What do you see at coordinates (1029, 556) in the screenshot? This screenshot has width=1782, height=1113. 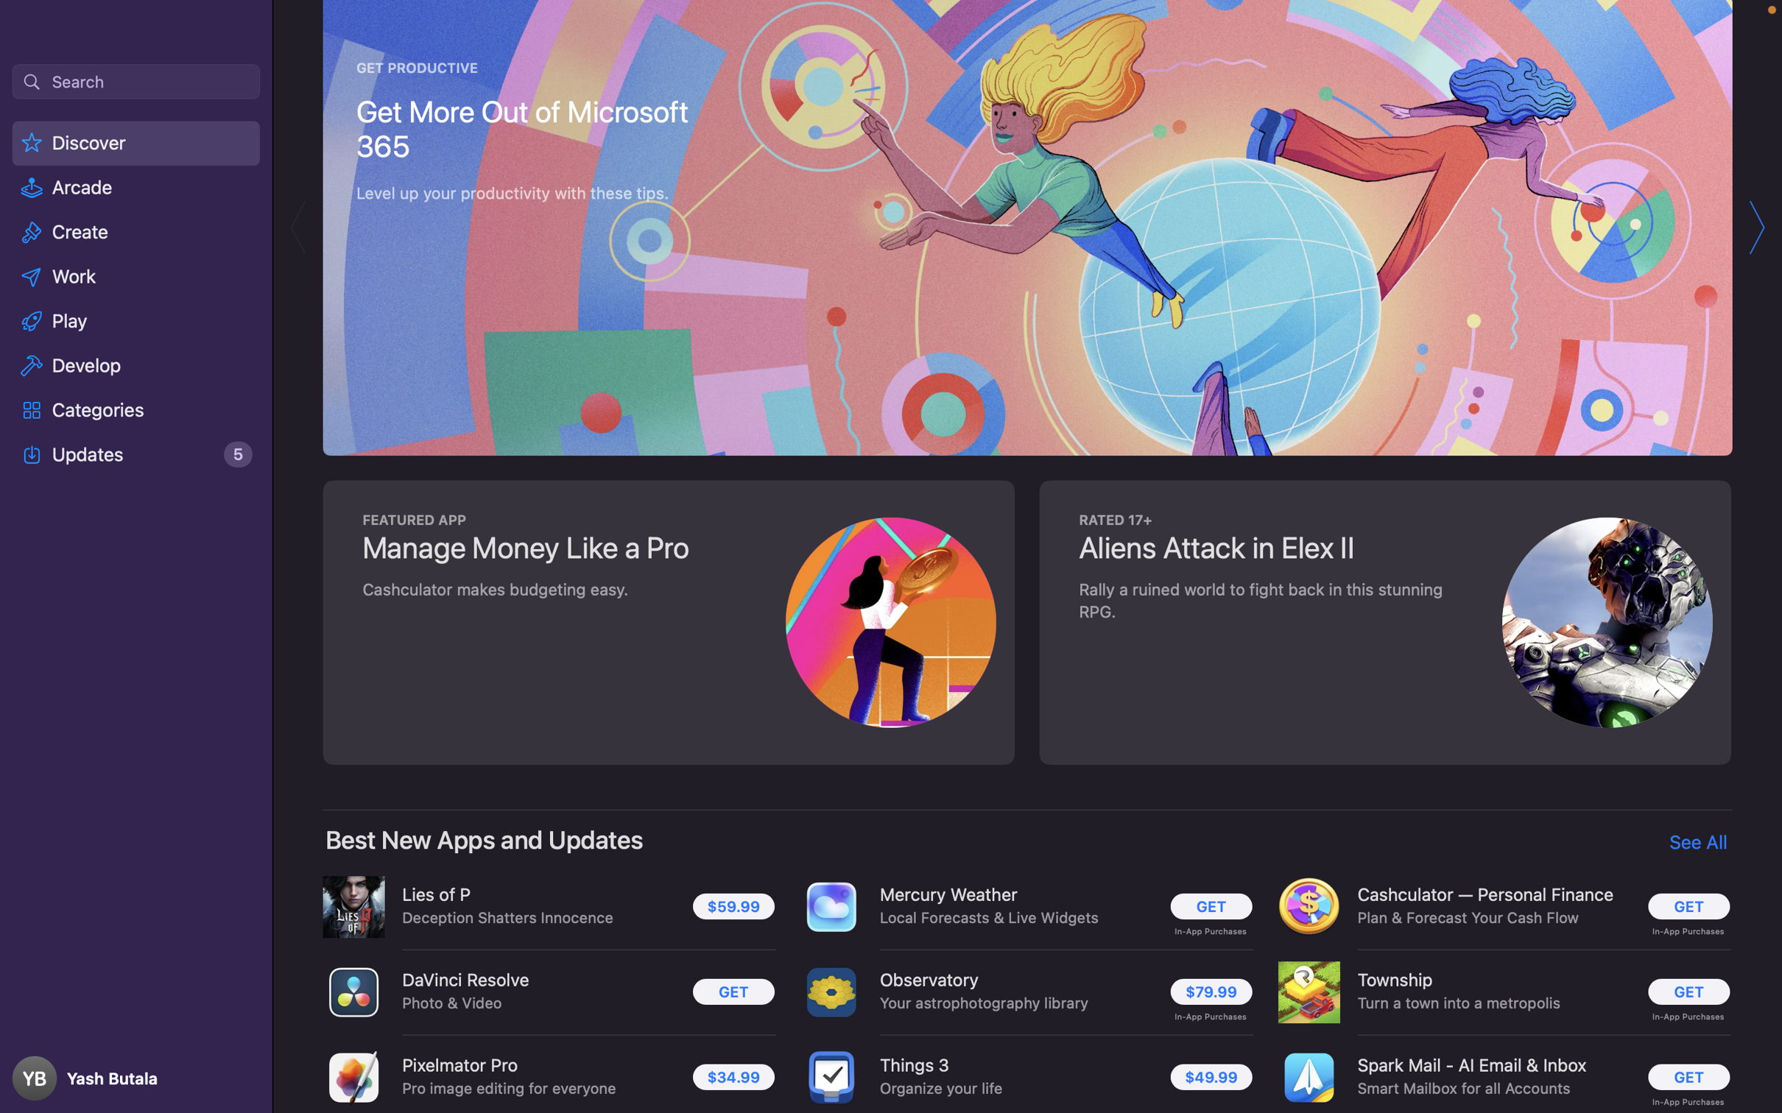 I see `Execute a 50-unit scroll downward to view more applications` at bounding box center [1029, 556].